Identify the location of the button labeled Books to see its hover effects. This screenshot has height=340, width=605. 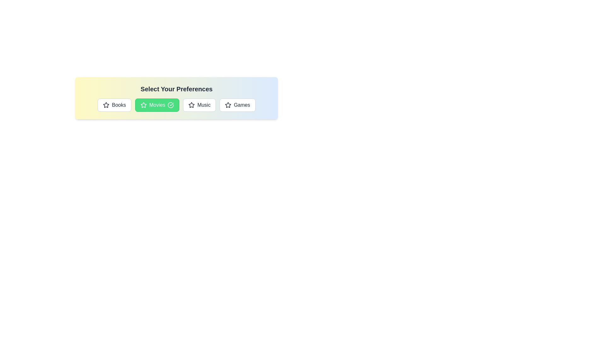
(114, 105).